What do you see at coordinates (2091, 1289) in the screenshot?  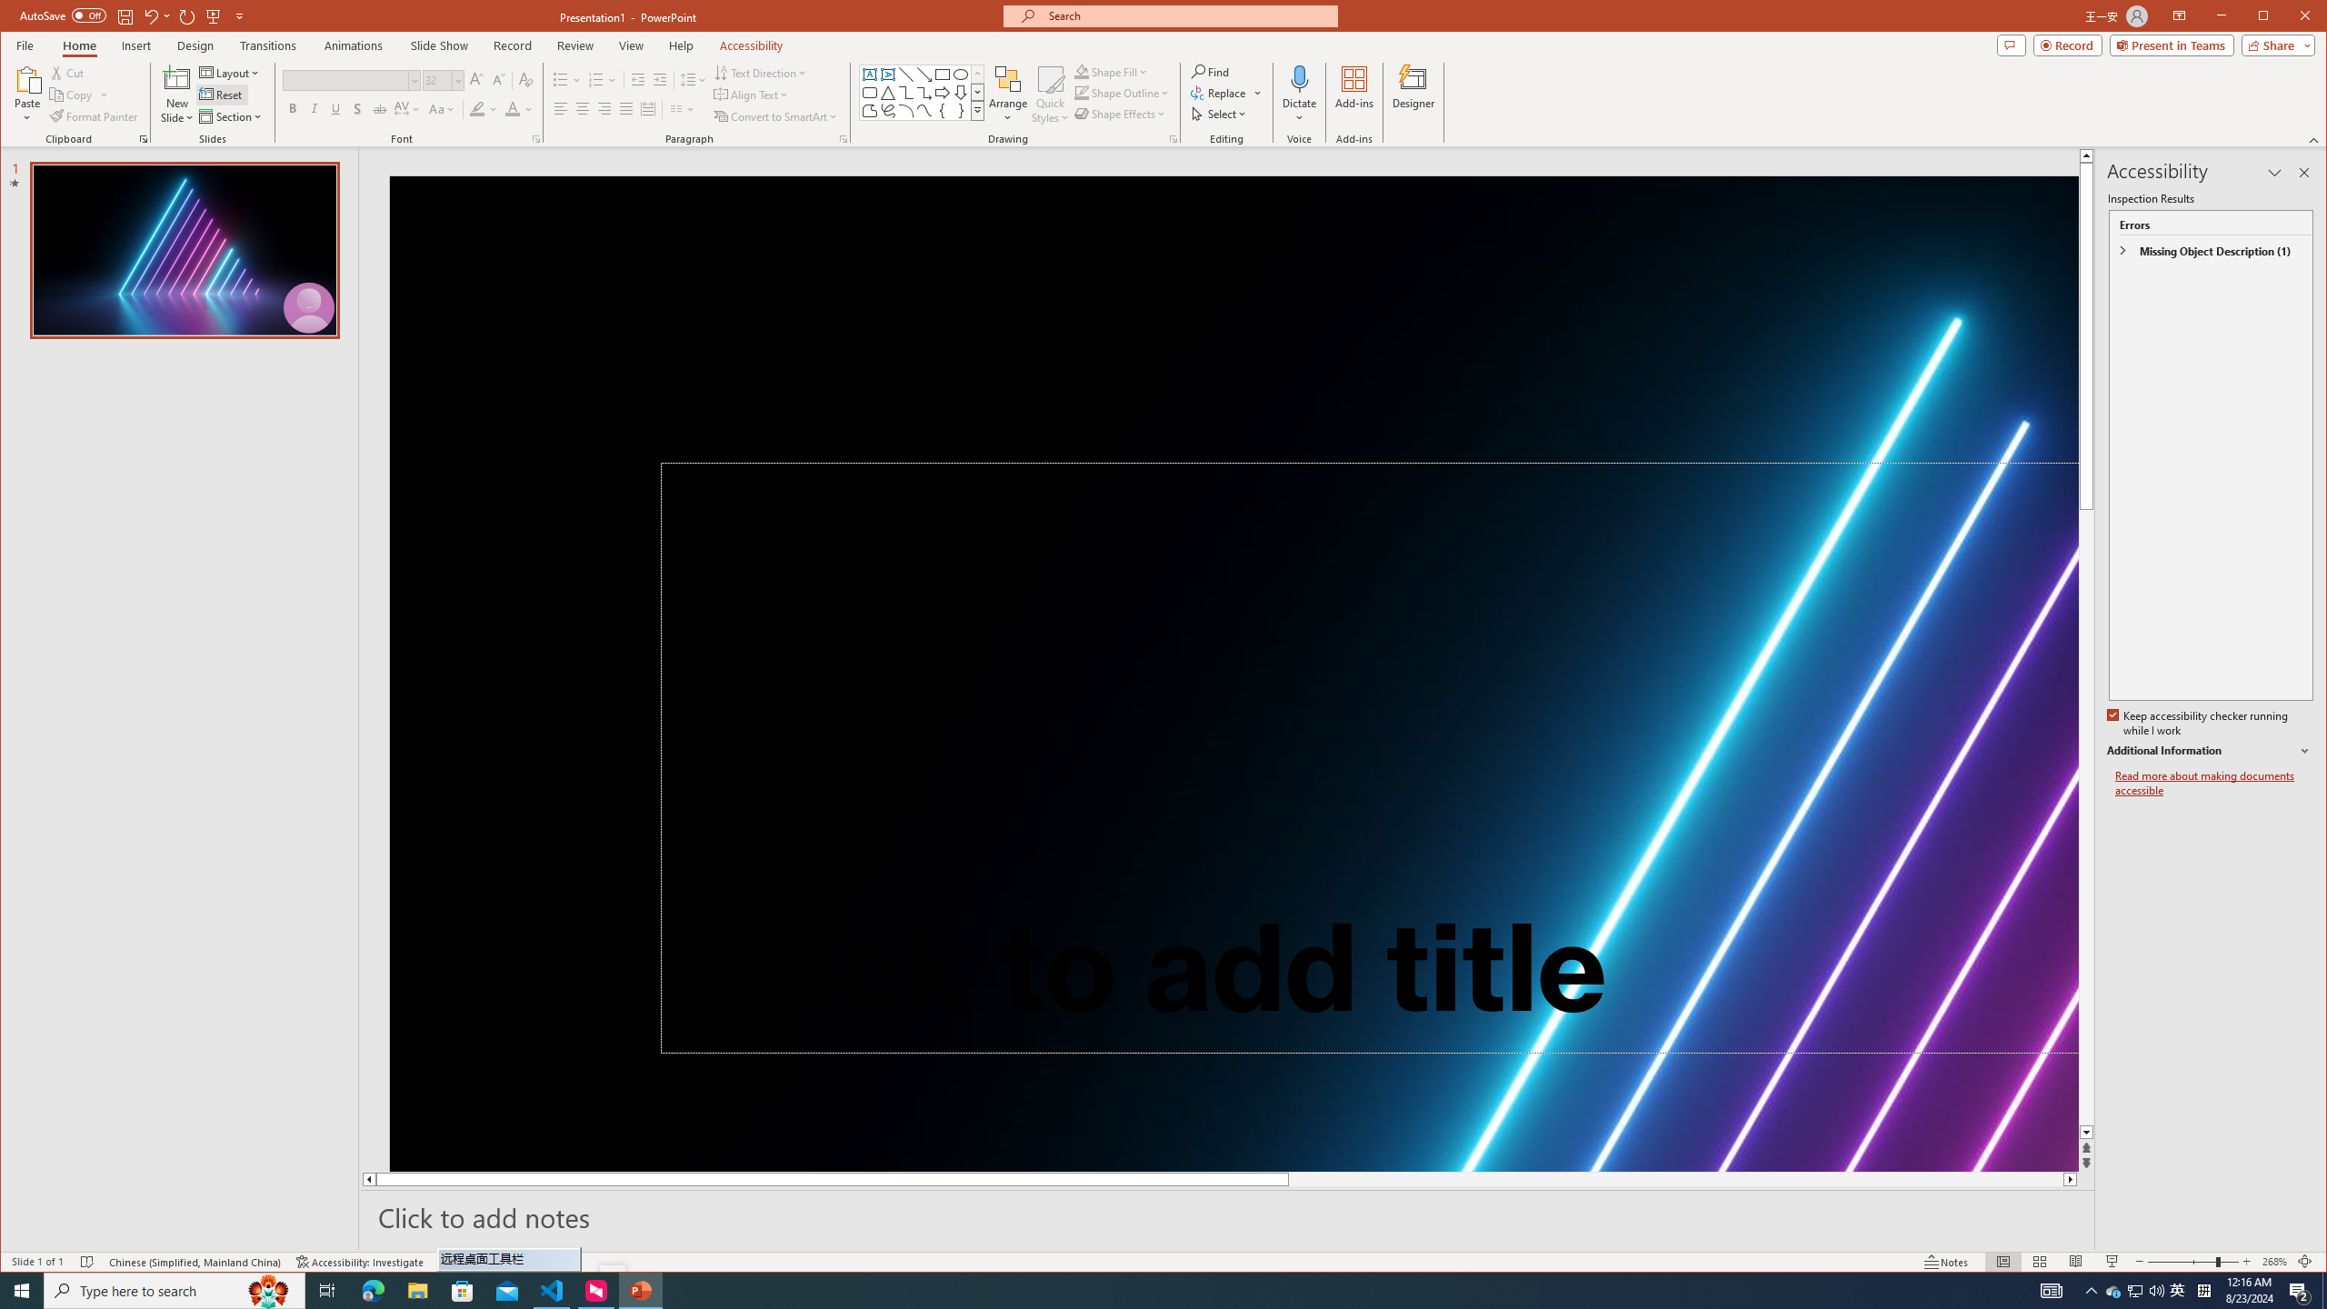 I see `'Notification Chevron'` at bounding box center [2091, 1289].